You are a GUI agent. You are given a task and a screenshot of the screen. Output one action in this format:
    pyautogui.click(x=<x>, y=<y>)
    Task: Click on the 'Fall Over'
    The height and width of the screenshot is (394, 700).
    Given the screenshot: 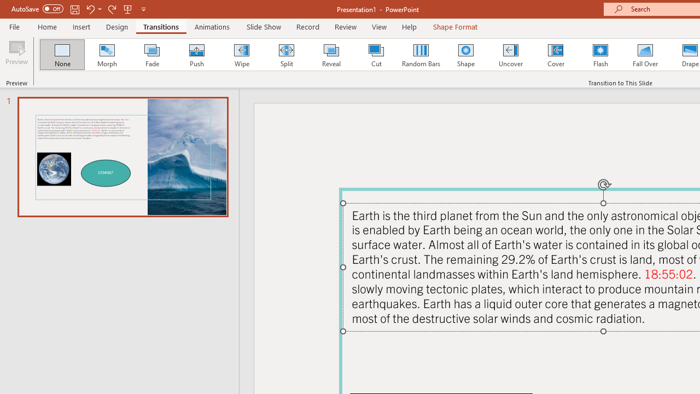 What is the action you would take?
    pyautogui.click(x=645, y=55)
    